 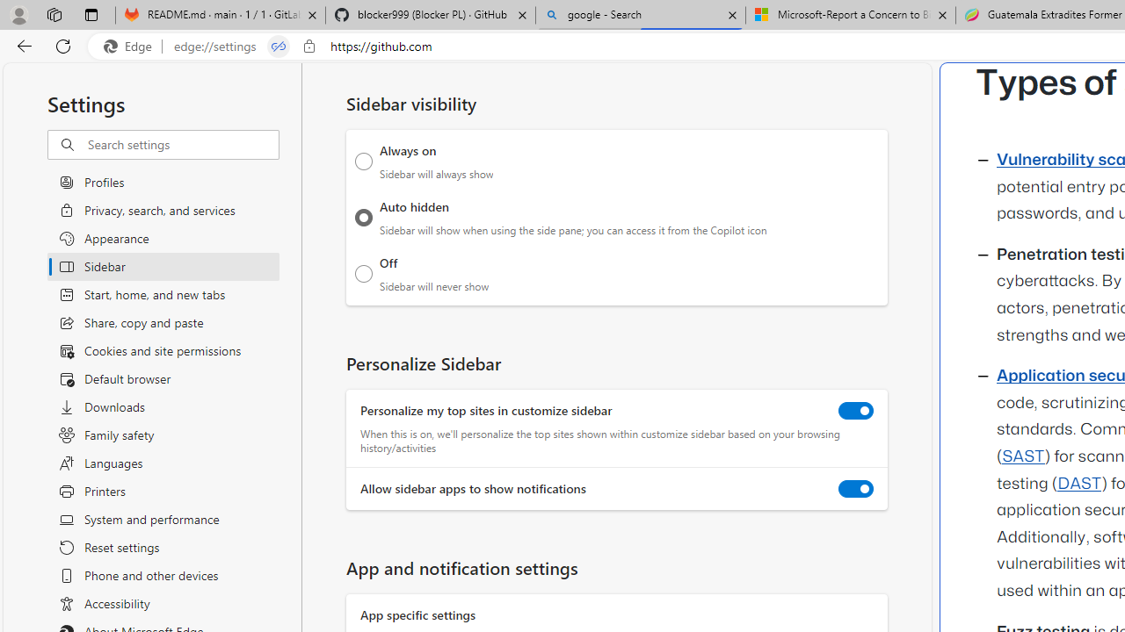 What do you see at coordinates (640, 15) in the screenshot?
I see `'google - Search'` at bounding box center [640, 15].